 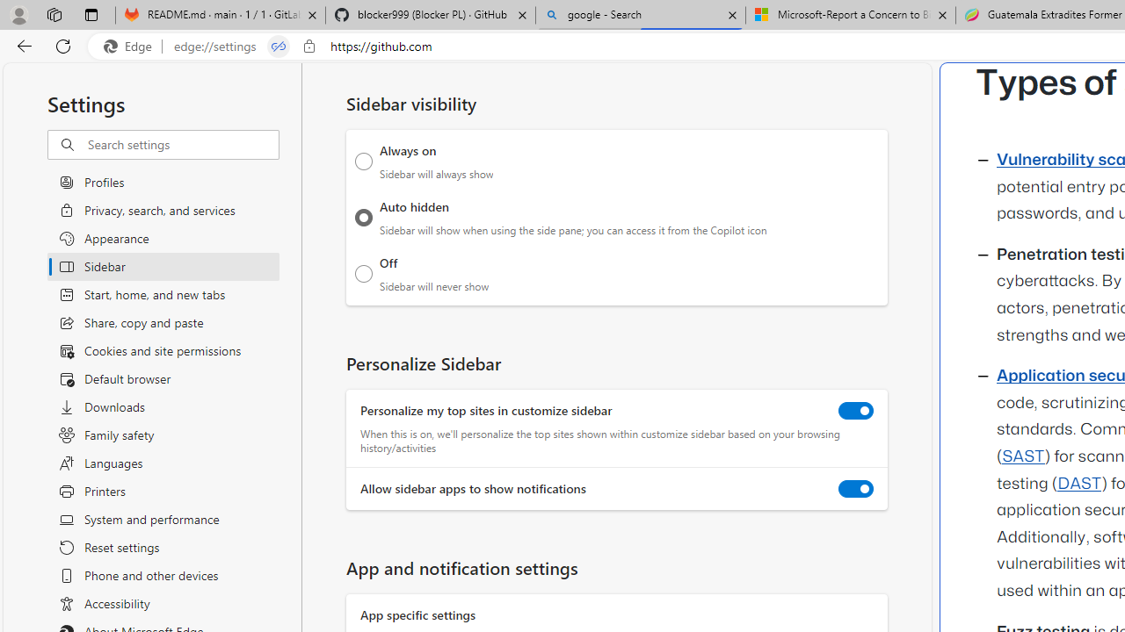 What do you see at coordinates (640, 15) in the screenshot?
I see `'google - Search'` at bounding box center [640, 15].